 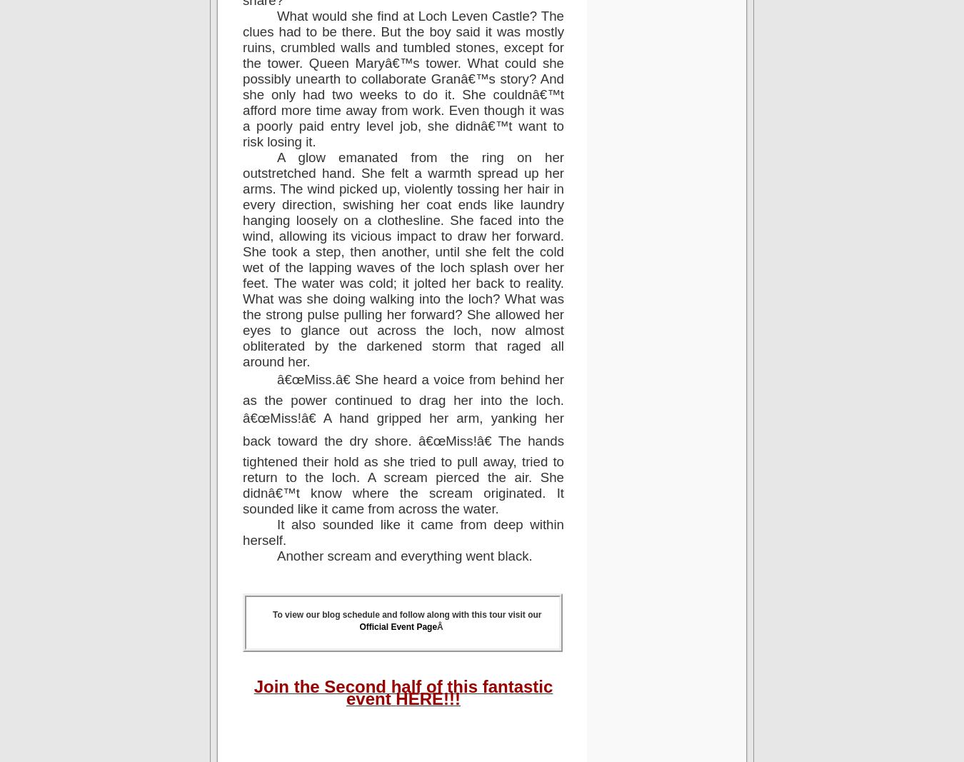 I want to click on 'To view our blog schedule and follow along with this tour visit our', so click(x=406, y=613).